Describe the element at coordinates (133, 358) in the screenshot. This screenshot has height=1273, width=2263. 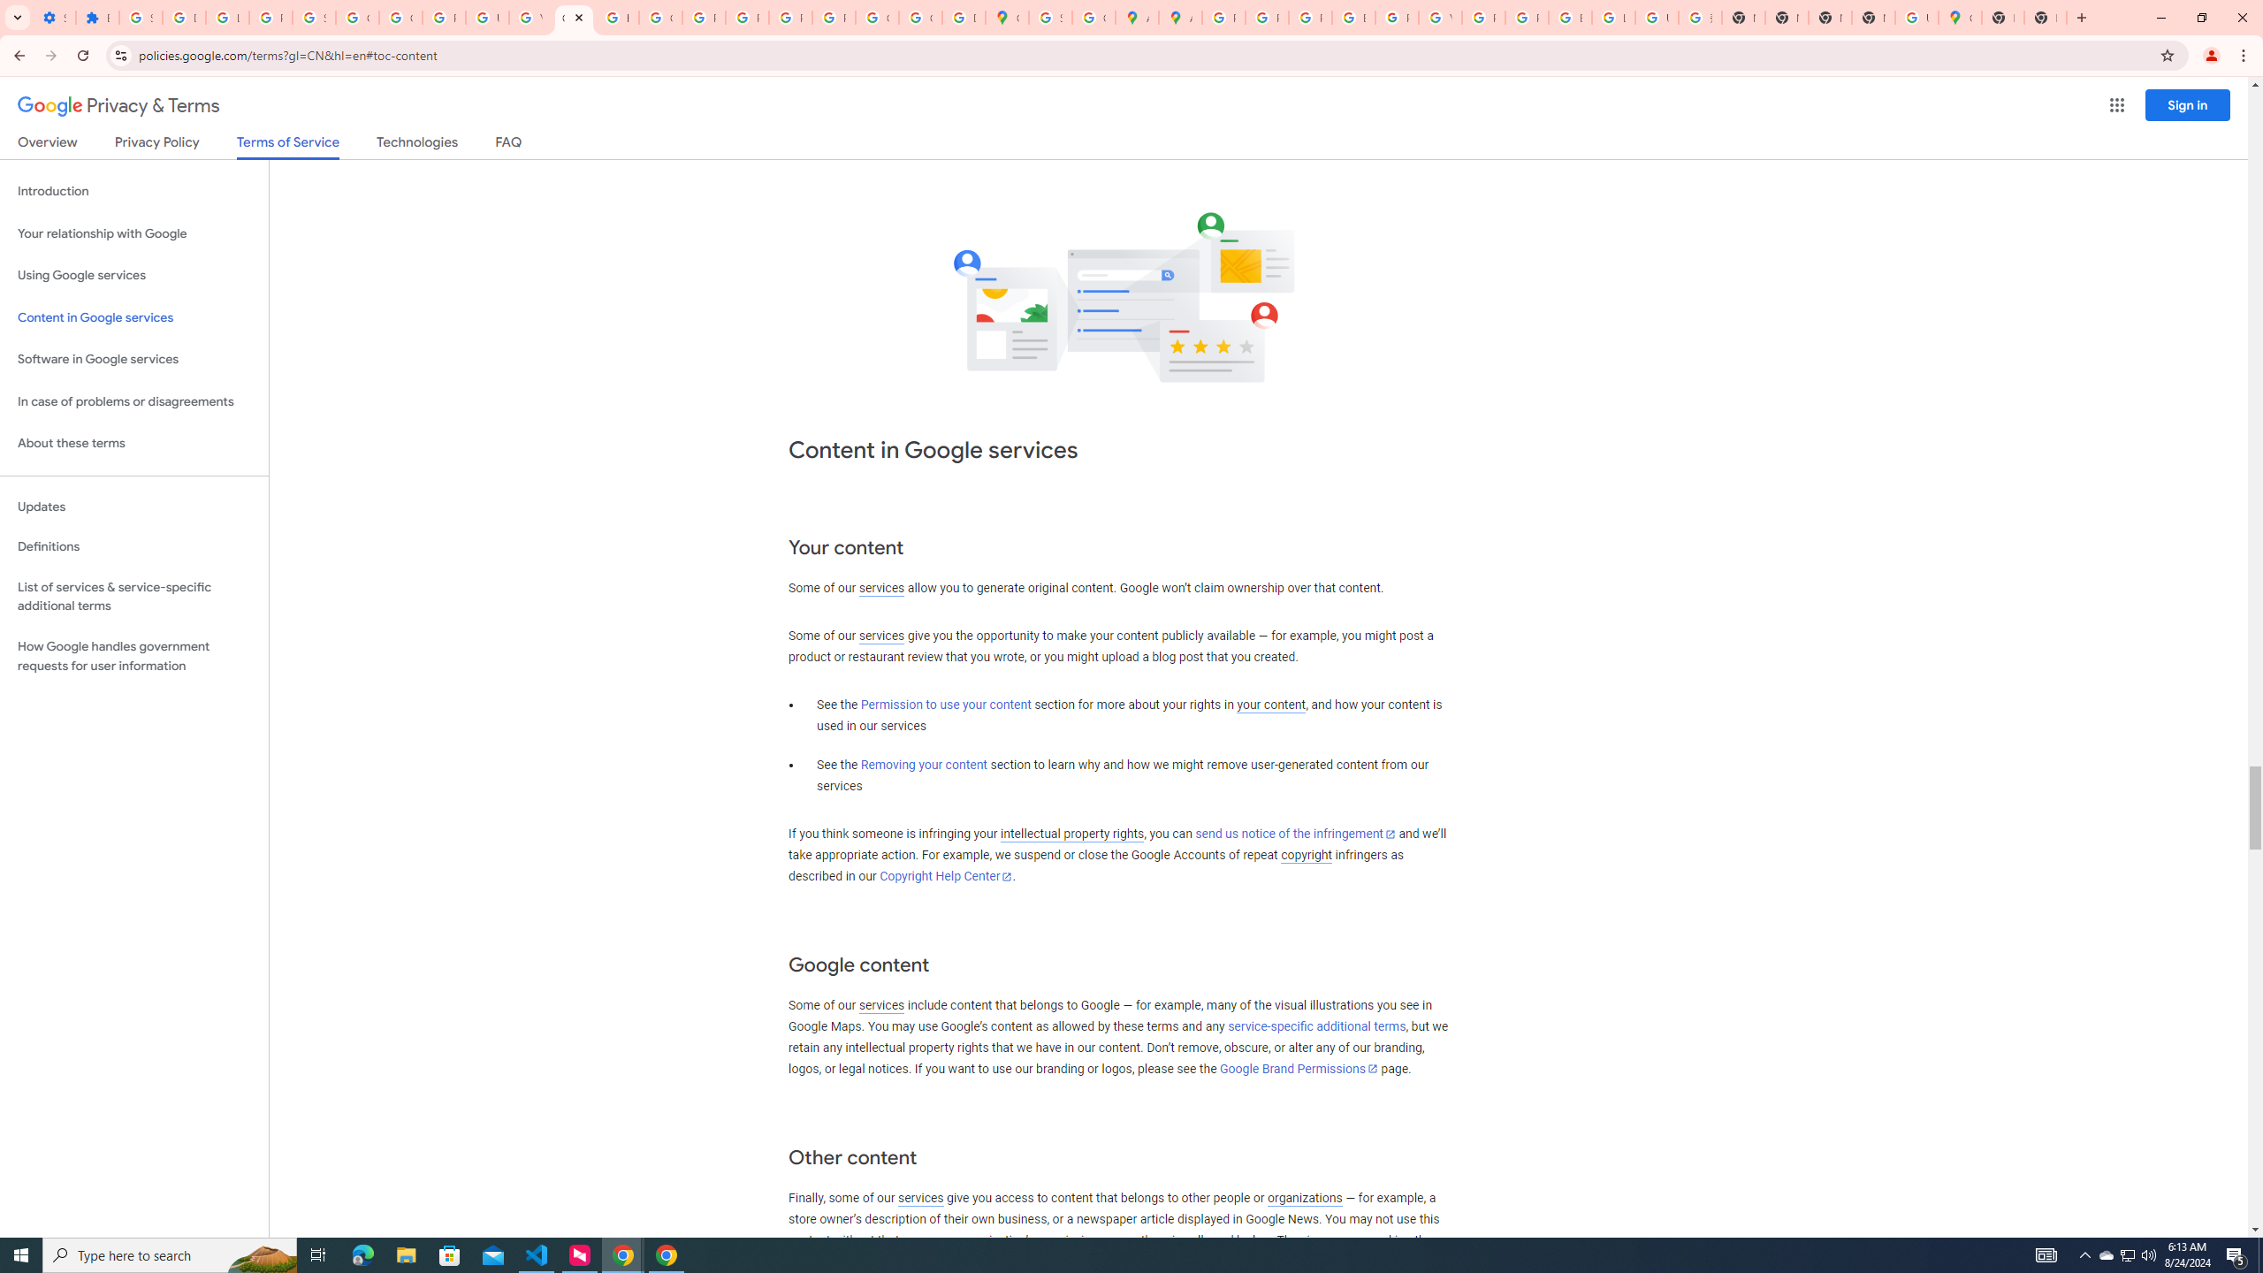
I see `'Software in Google services'` at that location.